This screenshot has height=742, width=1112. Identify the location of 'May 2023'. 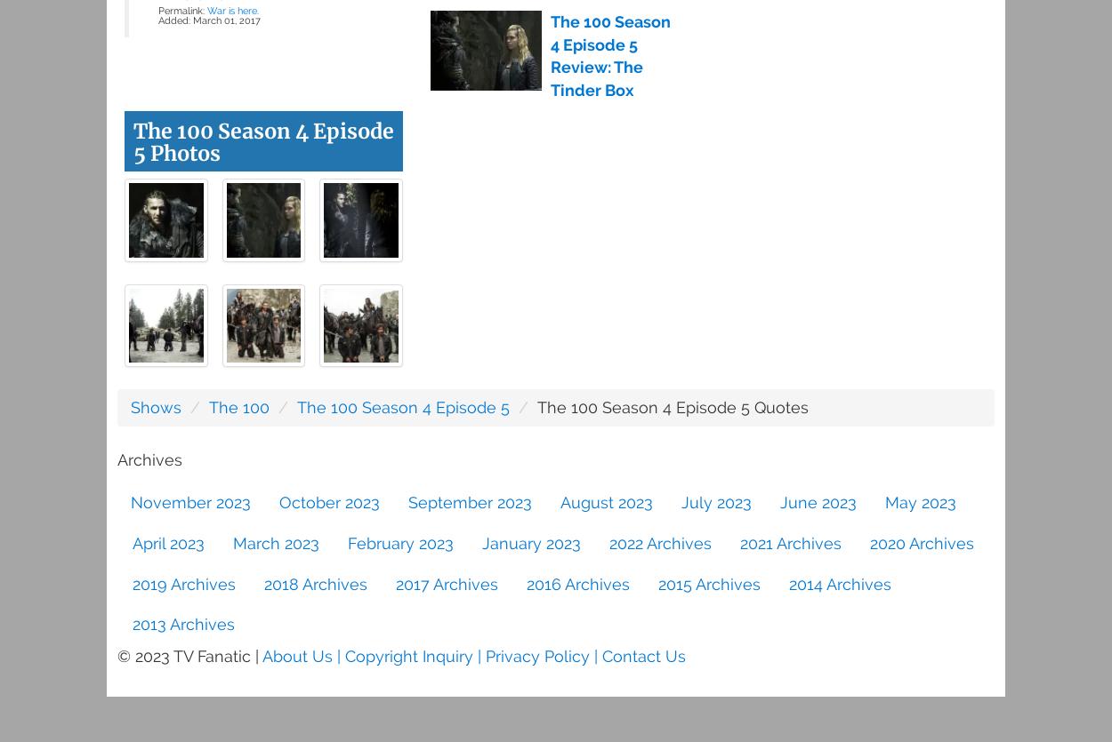
(921, 502).